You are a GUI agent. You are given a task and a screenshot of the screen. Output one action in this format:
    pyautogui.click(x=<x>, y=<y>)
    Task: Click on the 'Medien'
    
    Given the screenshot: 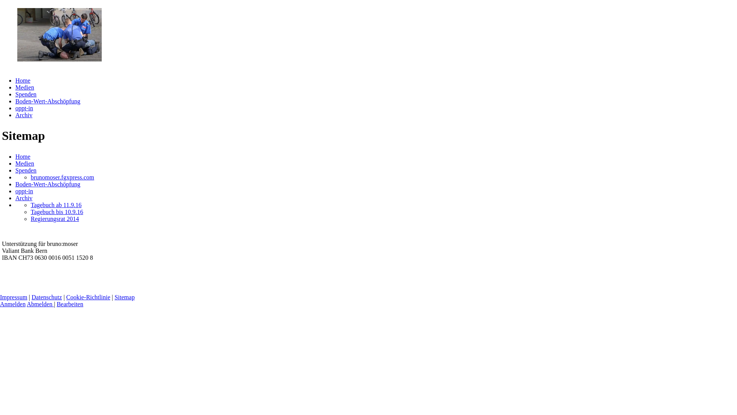 What is the action you would take?
    pyautogui.click(x=25, y=163)
    